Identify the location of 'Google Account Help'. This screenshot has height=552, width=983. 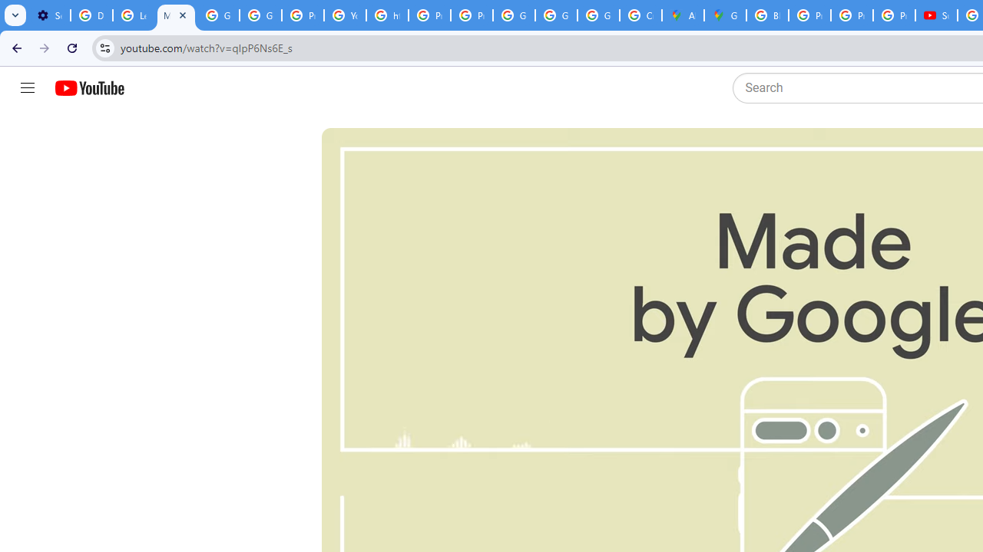
(217, 15).